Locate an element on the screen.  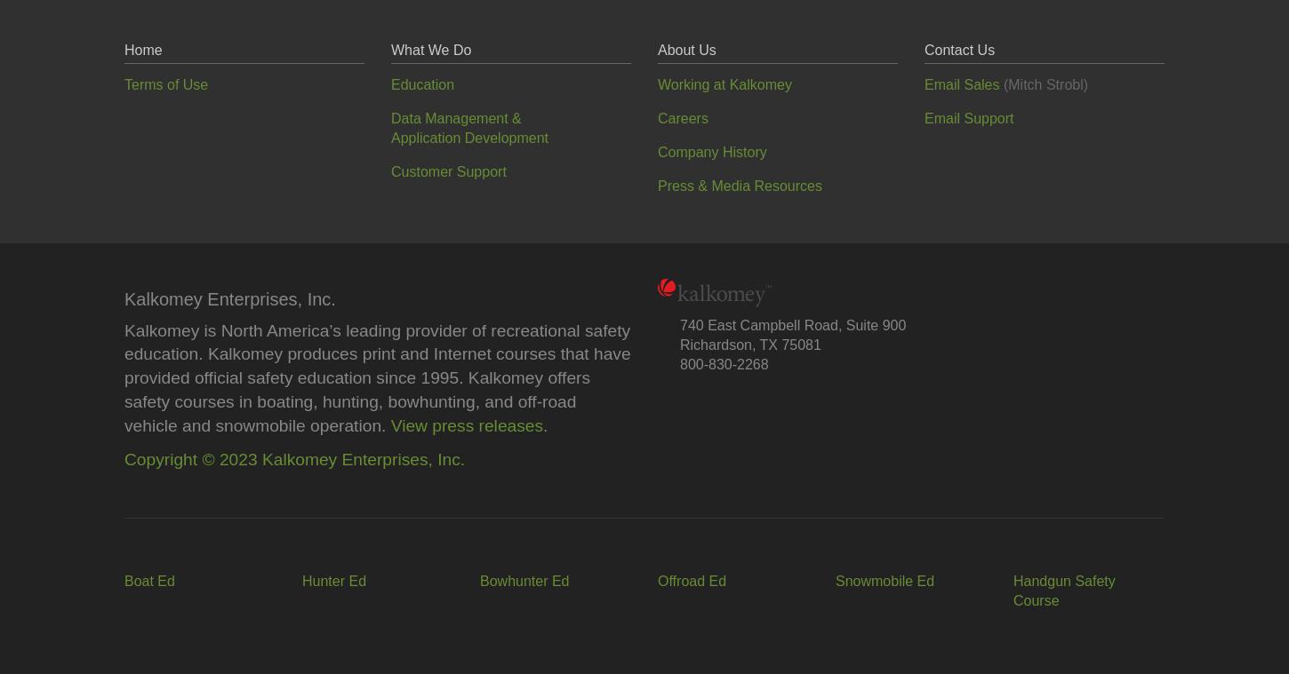
'Terms of Use' is located at coordinates (124, 83).